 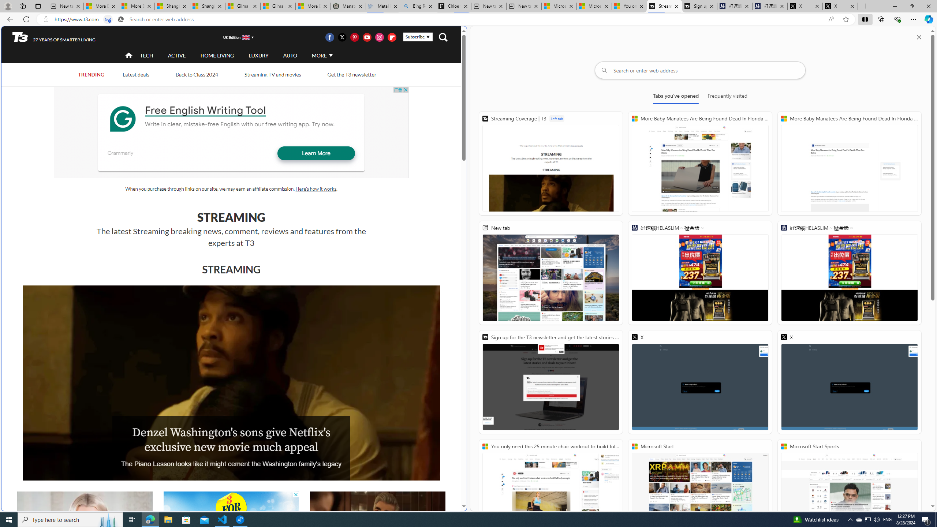 I want to click on 'Streaming TV and movies', so click(x=272, y=74).